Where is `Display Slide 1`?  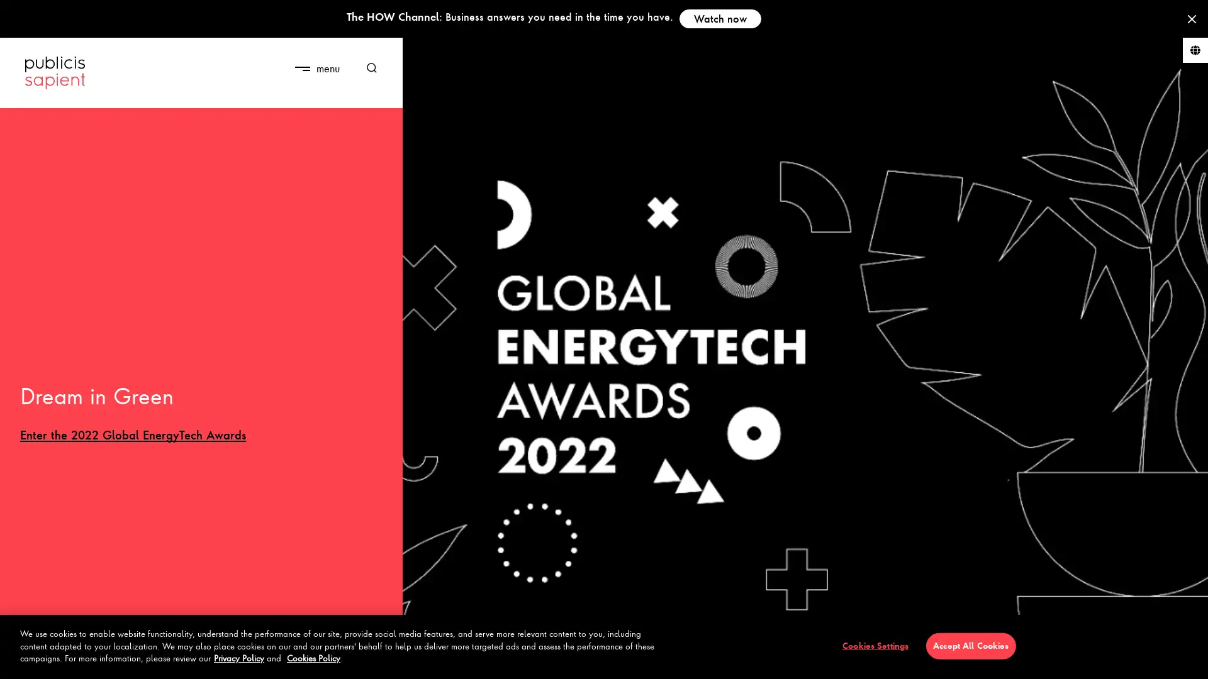 Display Slide 1 is located at coordinates (42, 661).